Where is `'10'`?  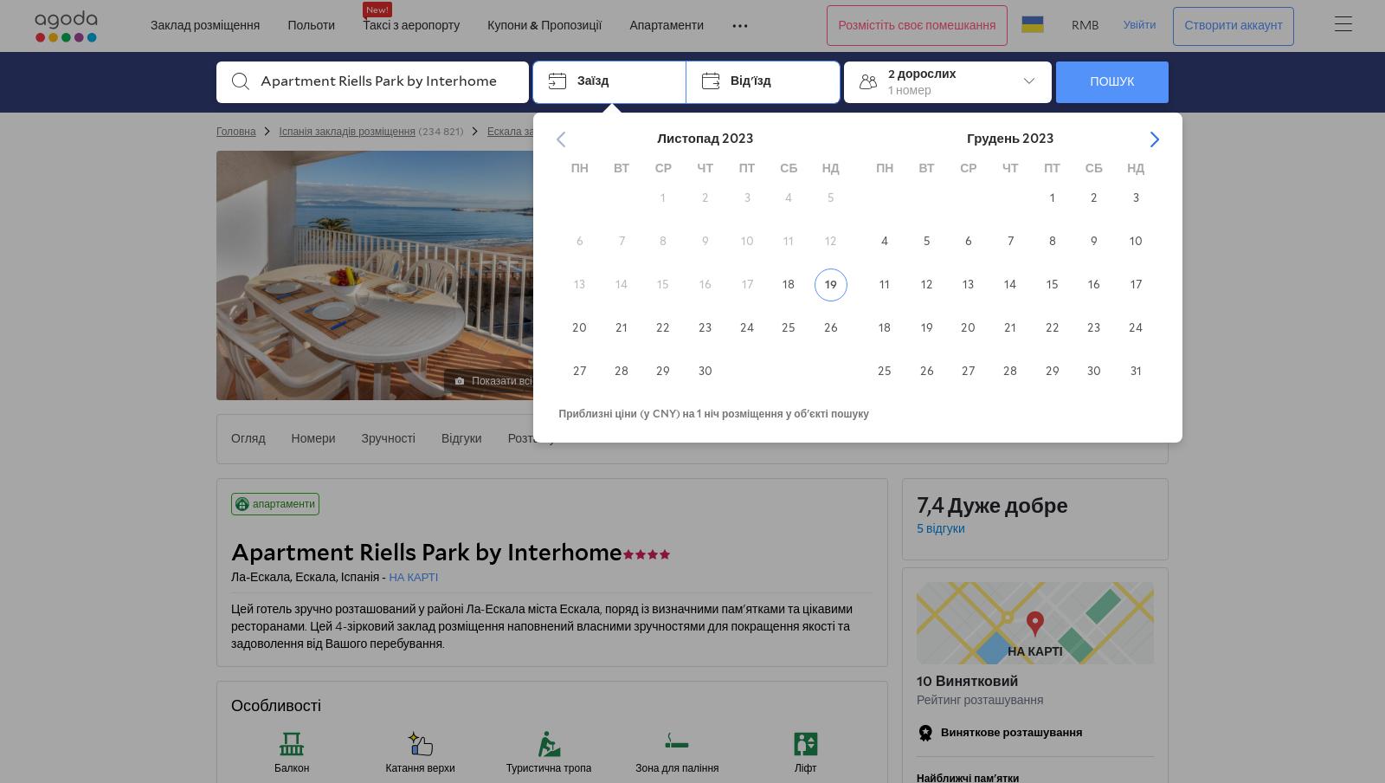
'10' is located at coordinates (924, 681).